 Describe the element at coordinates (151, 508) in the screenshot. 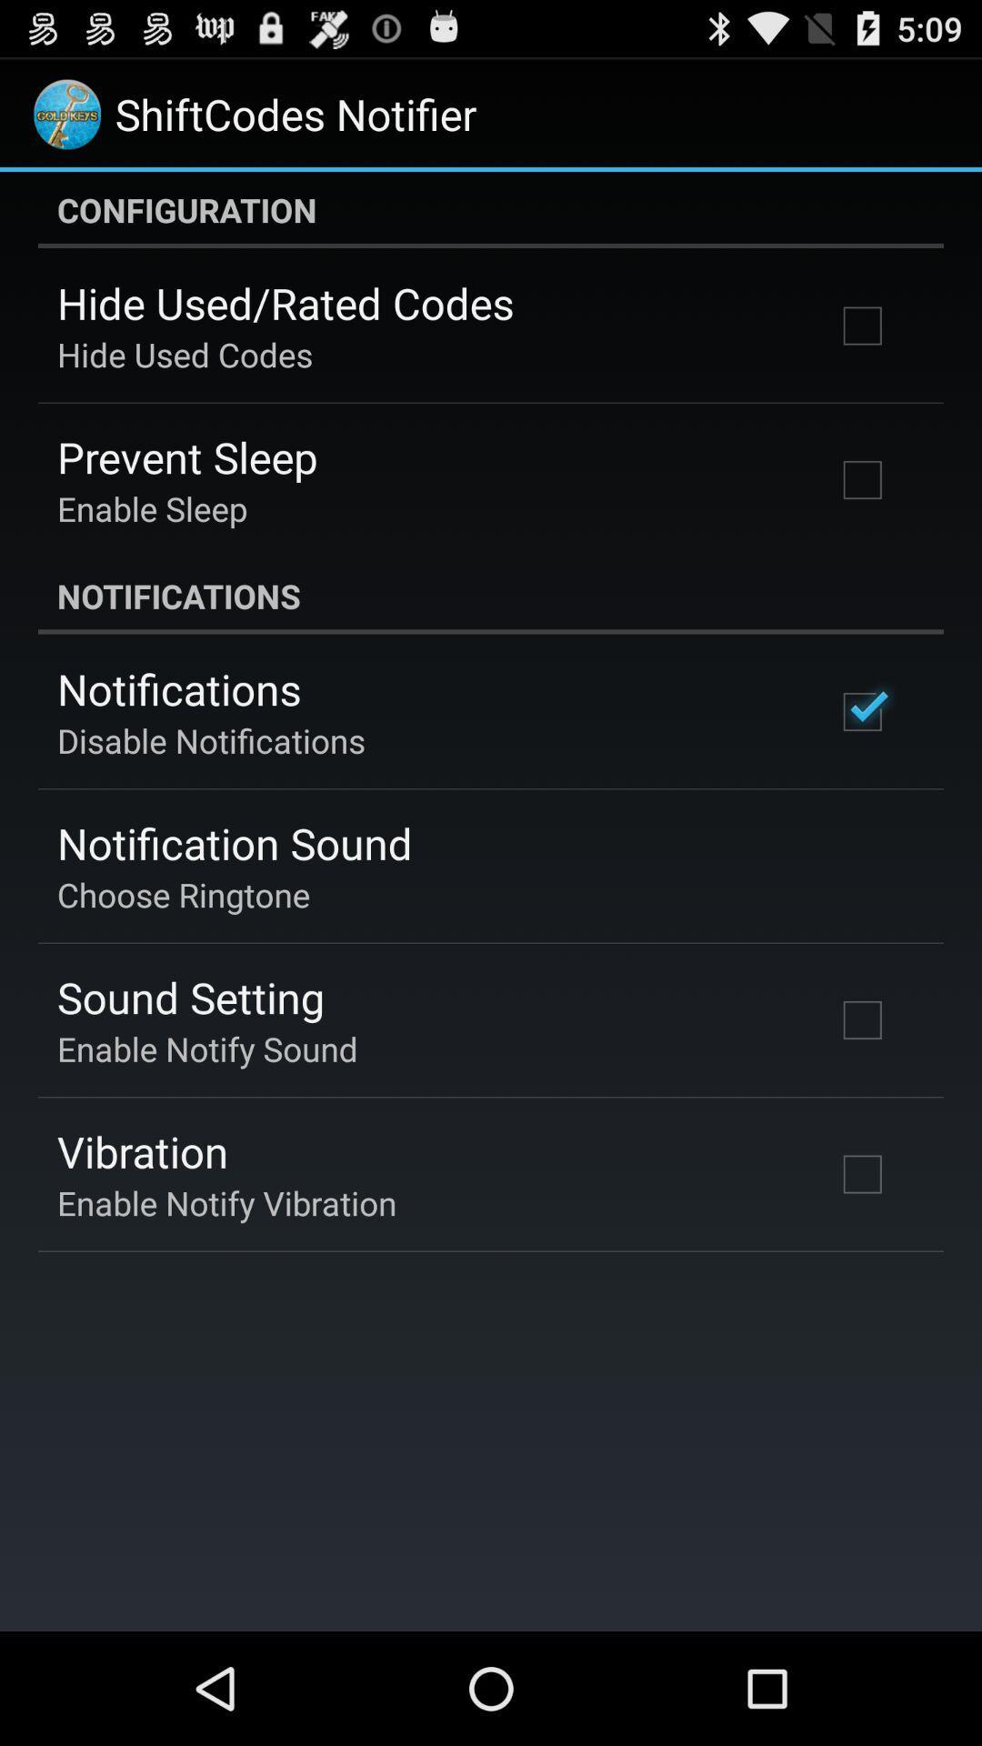

I see `the icon below prevent sleep icon` at that location.